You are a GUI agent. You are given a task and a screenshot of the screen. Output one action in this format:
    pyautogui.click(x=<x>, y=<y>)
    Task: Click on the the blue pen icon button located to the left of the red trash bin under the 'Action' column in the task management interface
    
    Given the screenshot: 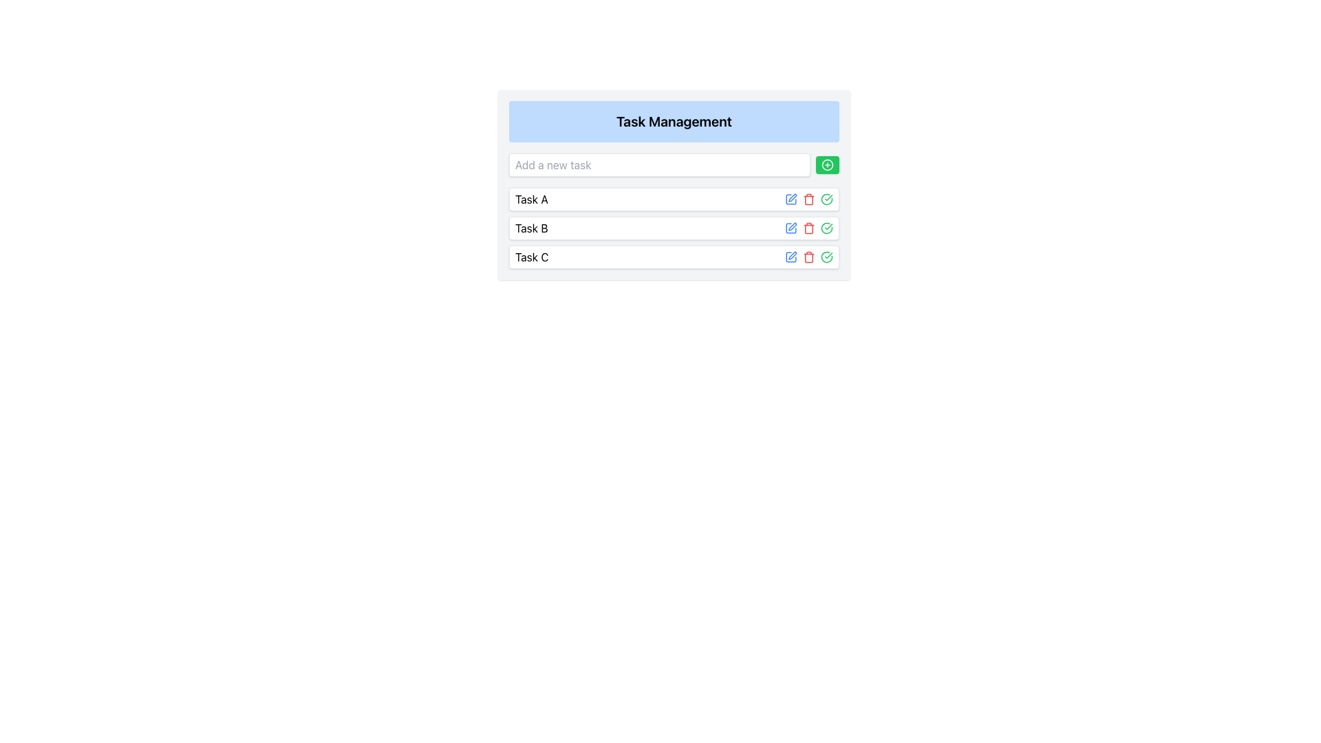 What is the action you would take?
    pyautogui.click(x=791, y=199)
    